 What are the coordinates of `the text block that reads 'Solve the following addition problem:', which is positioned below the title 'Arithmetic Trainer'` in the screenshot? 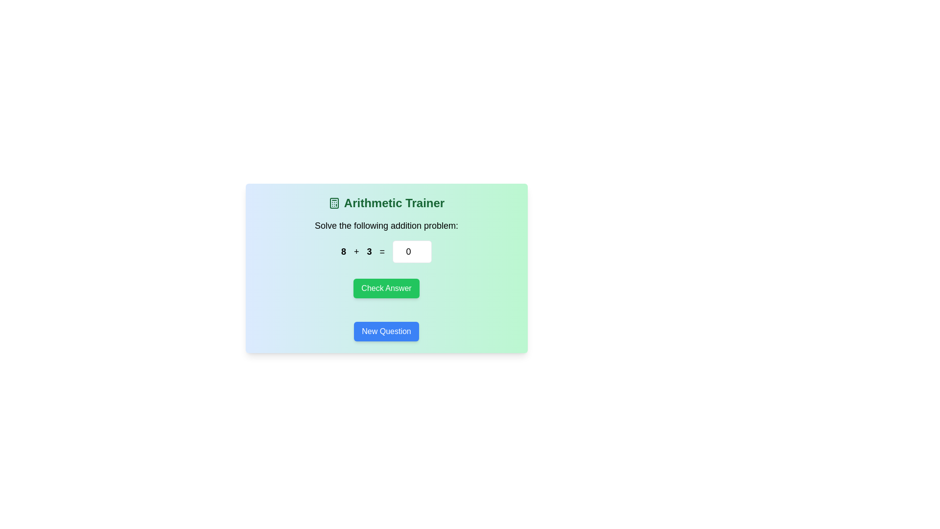 It's located at (386, 226).